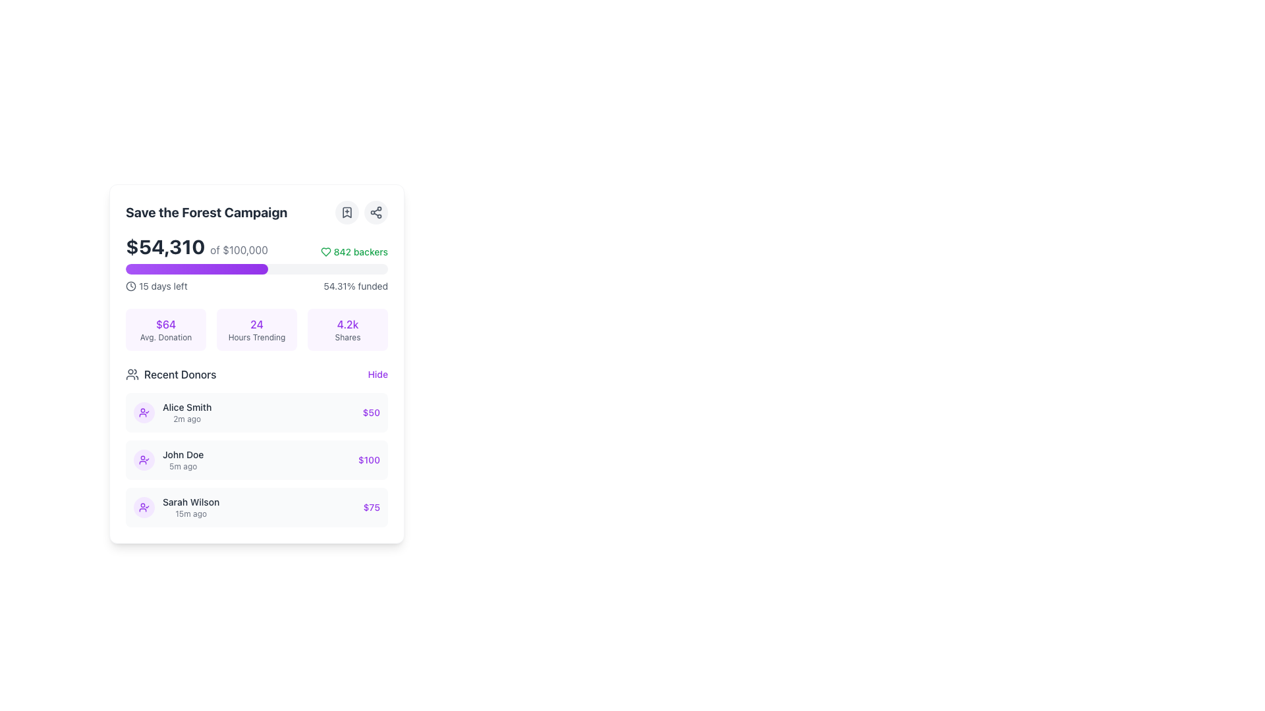 The height and width of the screenshot is (711, 1265). I want to click on the heart-shaped icon that symbolizes support or love, located to the left of the text '842 backers' in the upper-right area of the card, so click(325, 251).